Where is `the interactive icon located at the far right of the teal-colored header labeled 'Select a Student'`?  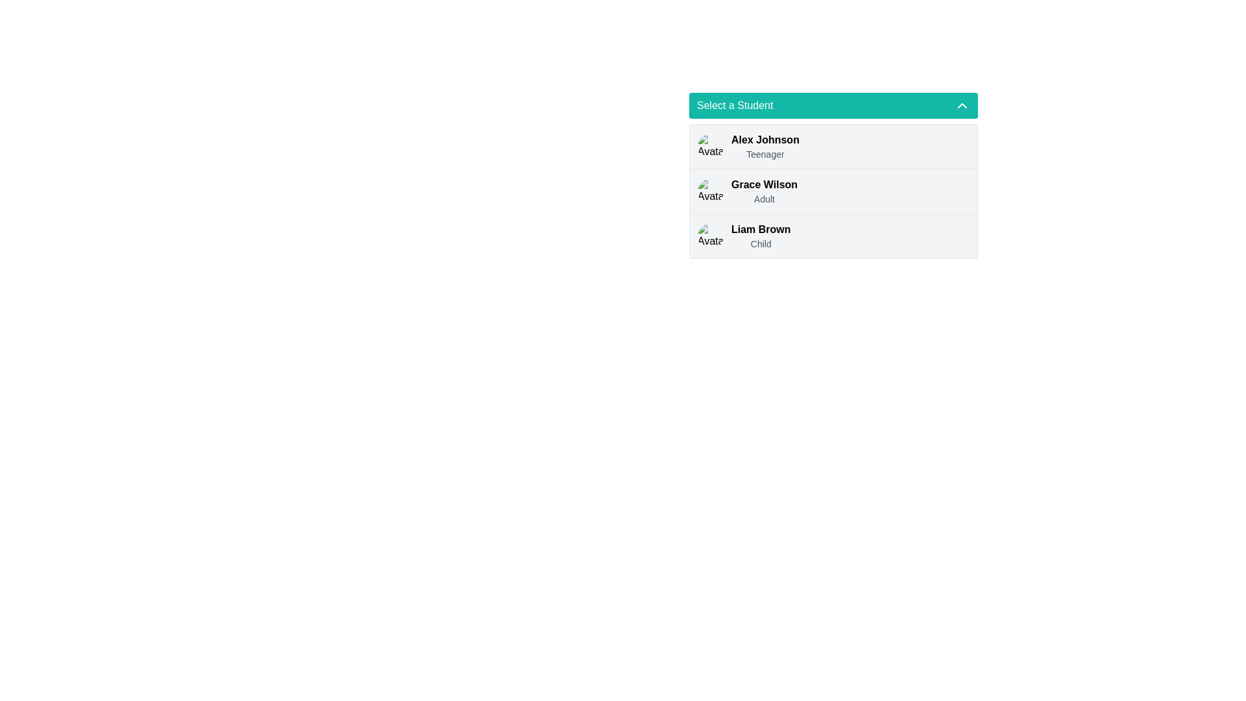 the interactive icon located at the far right of the teal-colored header labeled 'Select a Student' is located at coordinates (962, 105).